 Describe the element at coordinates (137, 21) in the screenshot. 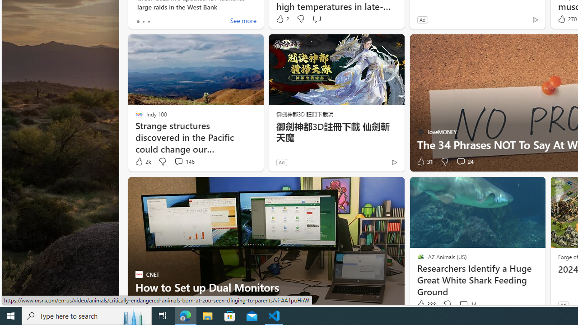

I see `'tab-0'` at that location.